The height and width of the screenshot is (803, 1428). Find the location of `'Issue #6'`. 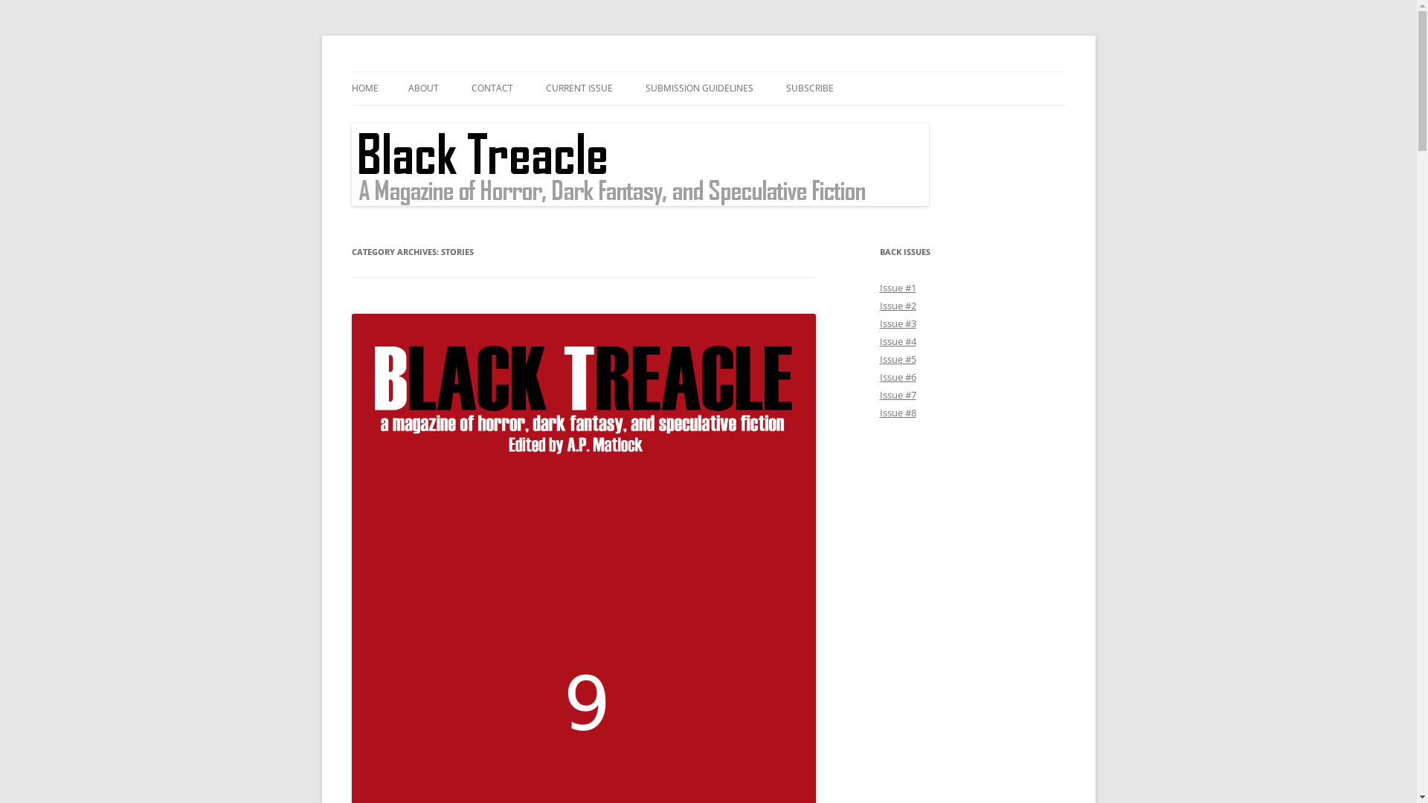

'Issue #6' is located at coordinates (896, 375).